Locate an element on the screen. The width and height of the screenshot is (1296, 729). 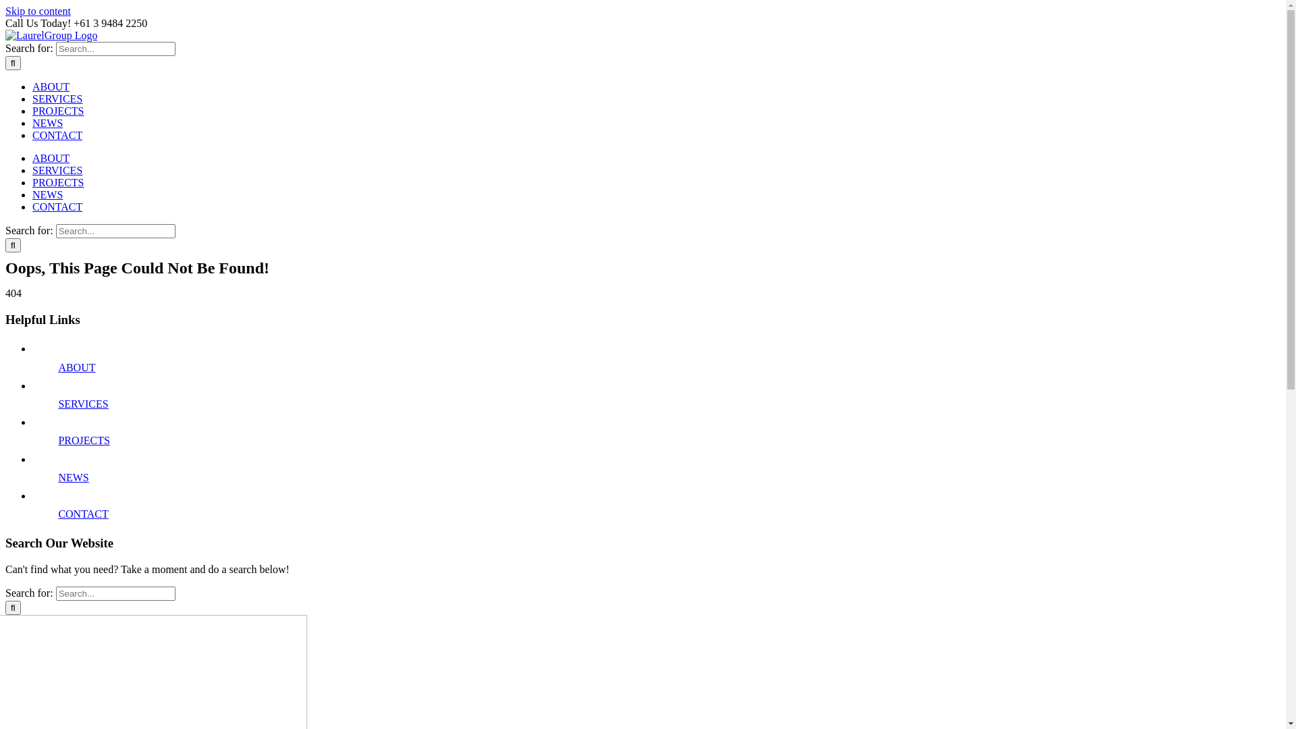
'NEWS' is located at coordinates (32, 123).